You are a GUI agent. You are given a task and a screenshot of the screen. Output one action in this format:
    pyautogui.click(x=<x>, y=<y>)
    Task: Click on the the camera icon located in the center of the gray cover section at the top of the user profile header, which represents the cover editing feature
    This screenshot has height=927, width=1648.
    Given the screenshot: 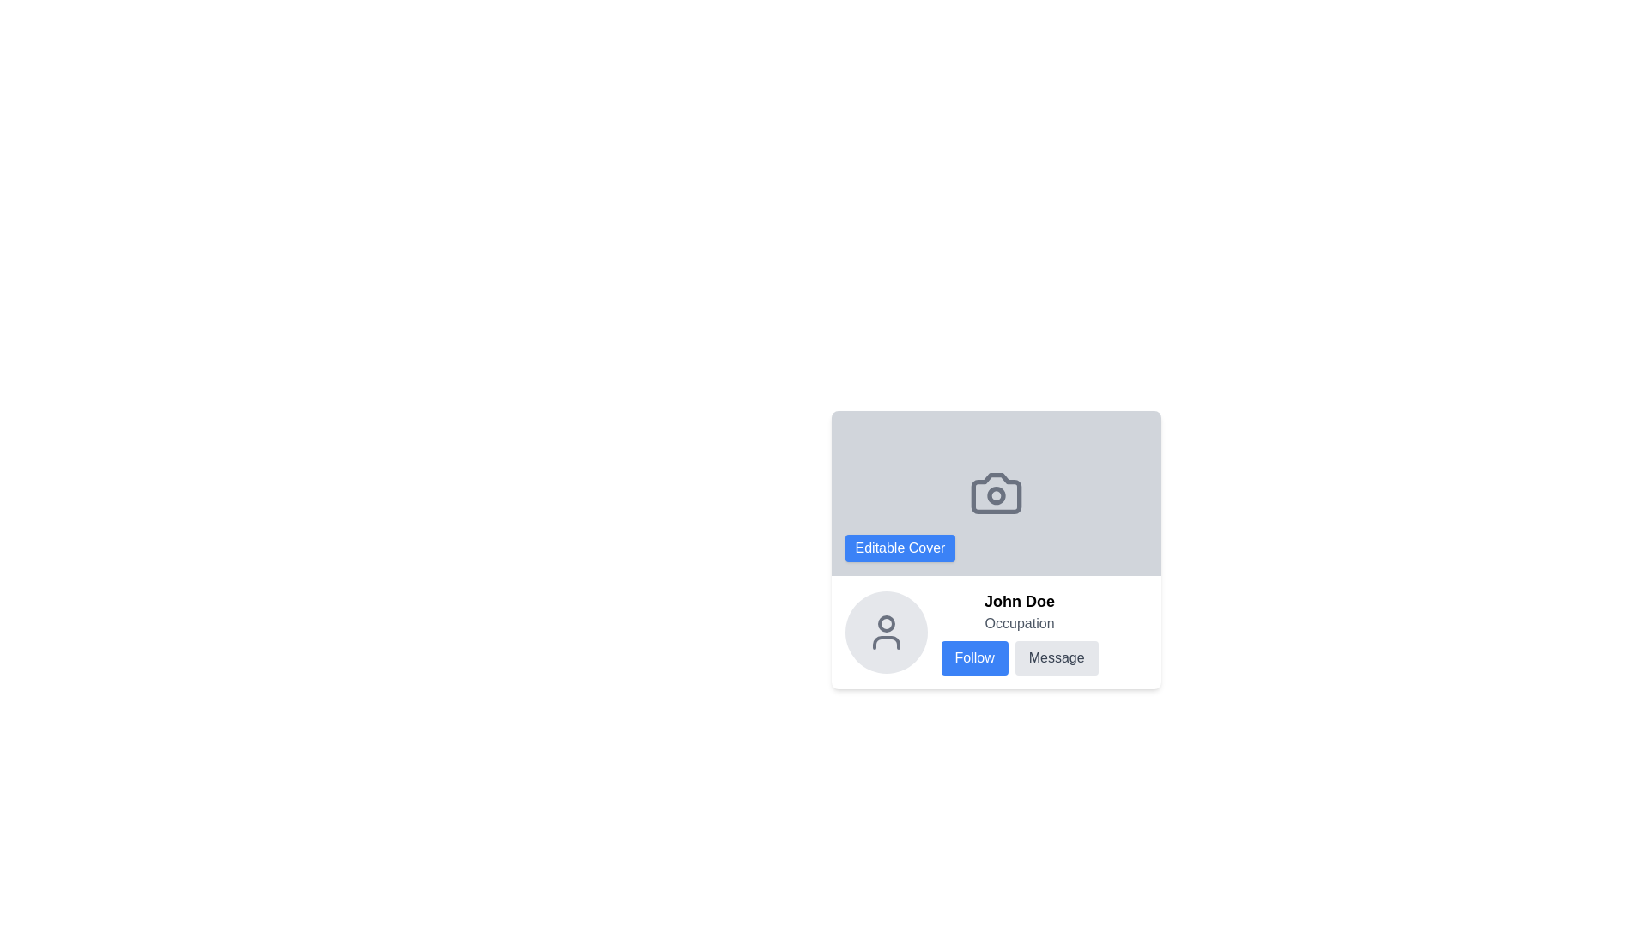 What is the action you would take?
    pyautogui.click(x=996, y=493)
    